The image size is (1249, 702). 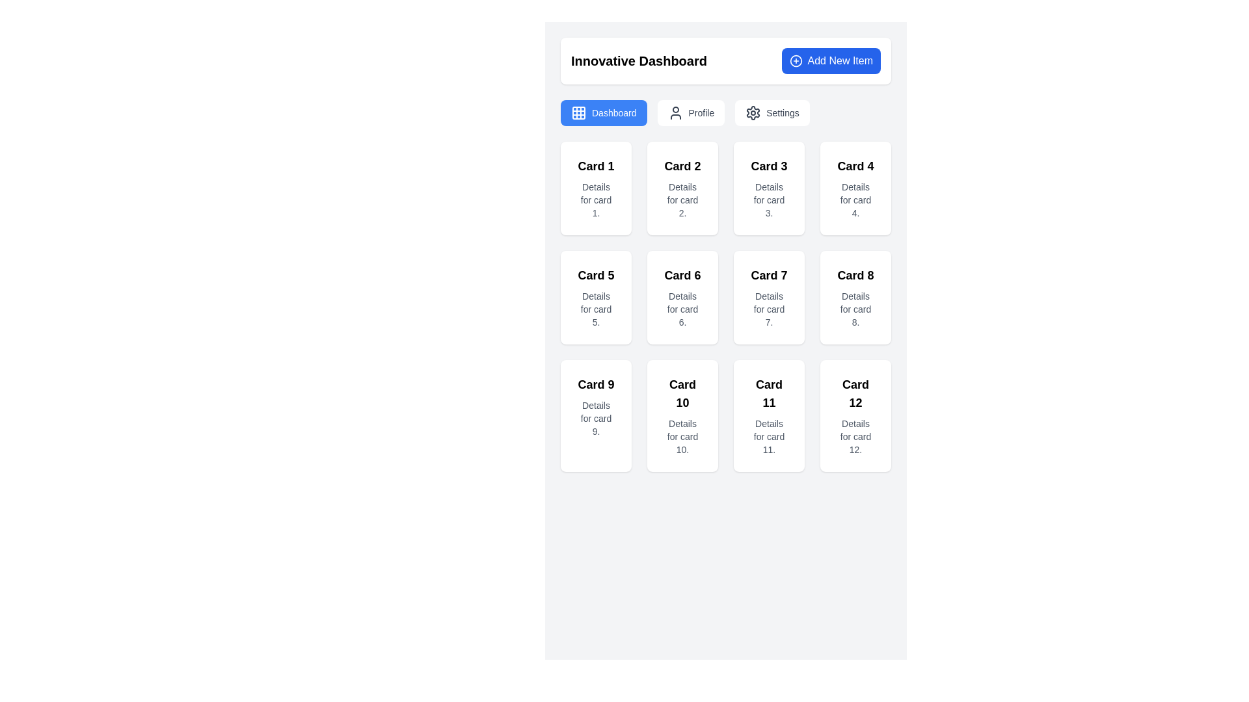 What do you see at coordinates (769, 298) in the screenshot?
I see `the visual and informational unit identified as 'Card 7' located in the second row and third column of the grid layout` at bounding box center [769, 298].